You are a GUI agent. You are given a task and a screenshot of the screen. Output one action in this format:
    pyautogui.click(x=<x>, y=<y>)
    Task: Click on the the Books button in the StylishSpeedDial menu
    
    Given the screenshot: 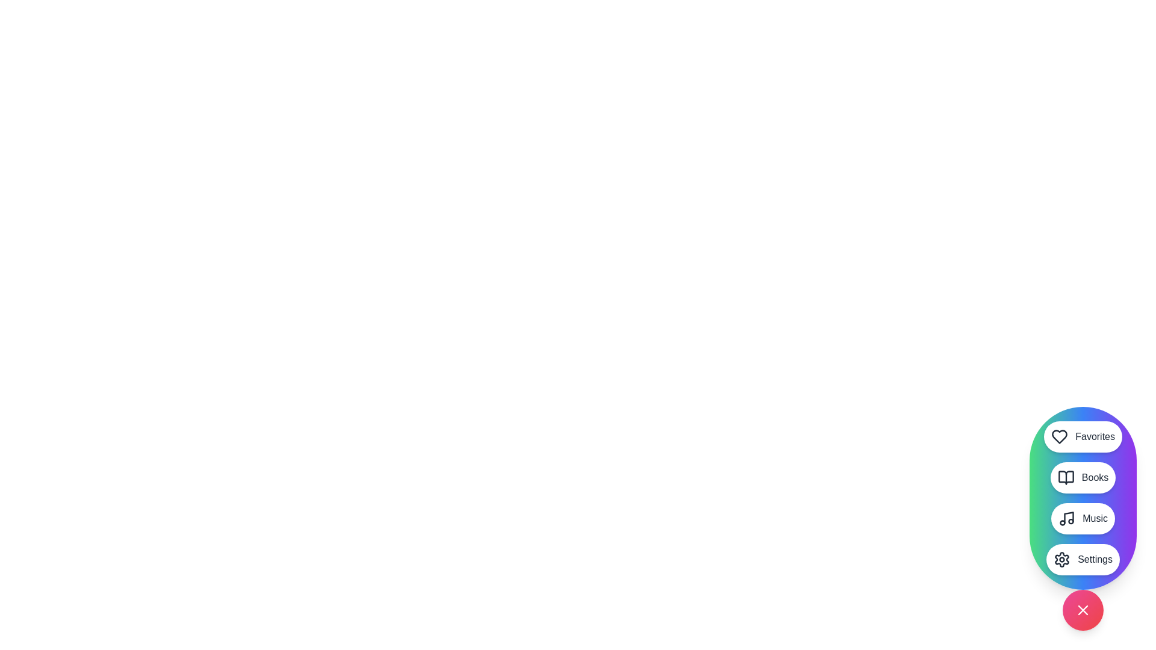 What is the action you would take?
    pyautogui.click(x=1083, y=477)
    